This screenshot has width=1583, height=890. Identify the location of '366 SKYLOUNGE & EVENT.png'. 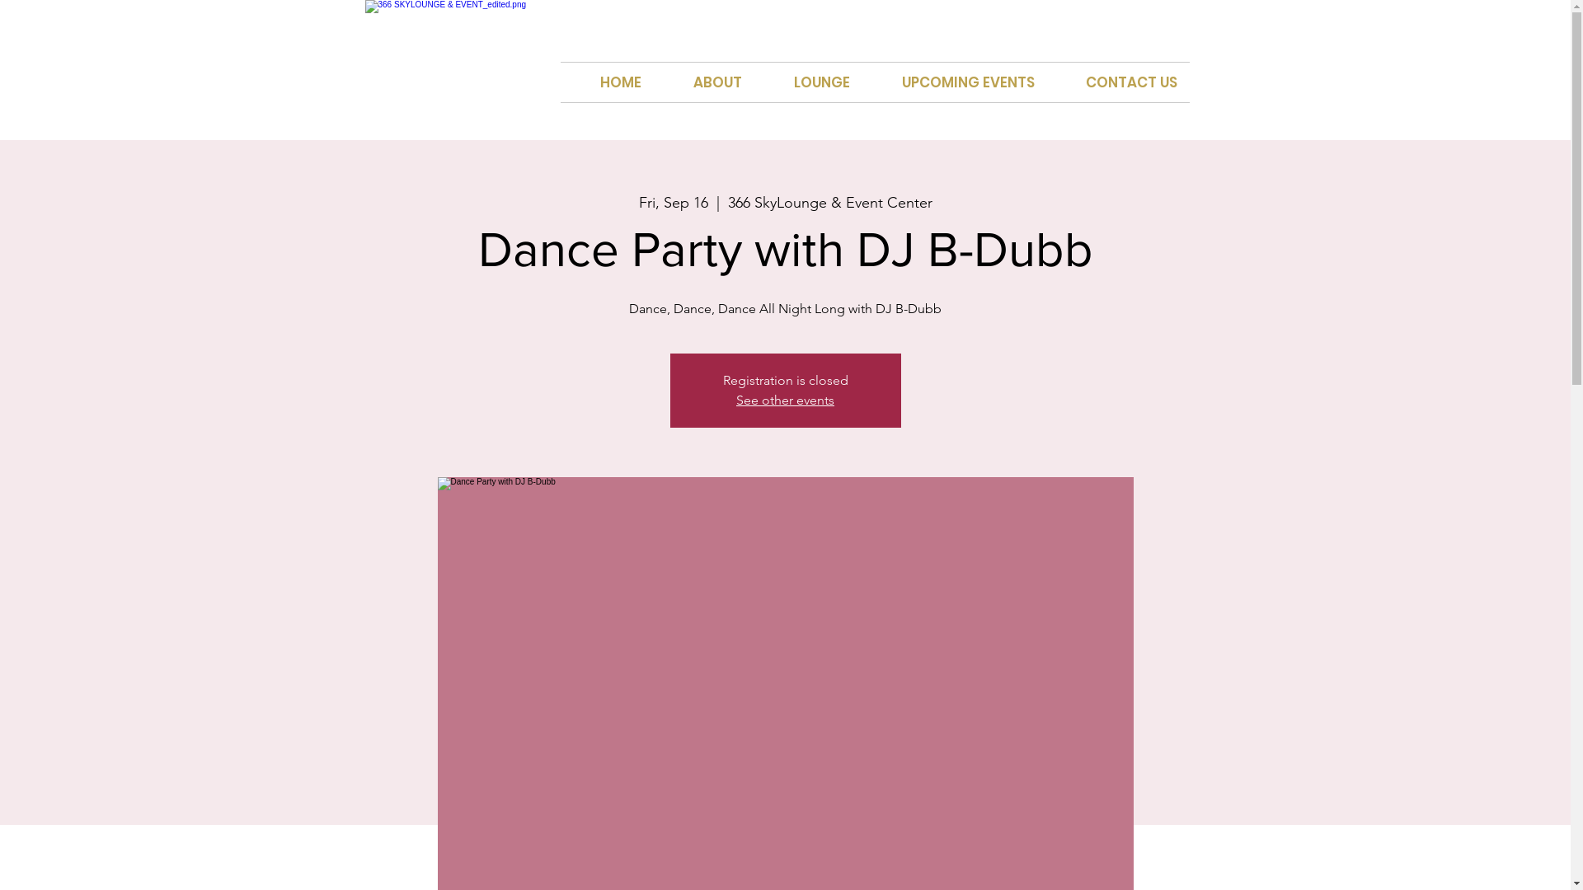
(466, 54).